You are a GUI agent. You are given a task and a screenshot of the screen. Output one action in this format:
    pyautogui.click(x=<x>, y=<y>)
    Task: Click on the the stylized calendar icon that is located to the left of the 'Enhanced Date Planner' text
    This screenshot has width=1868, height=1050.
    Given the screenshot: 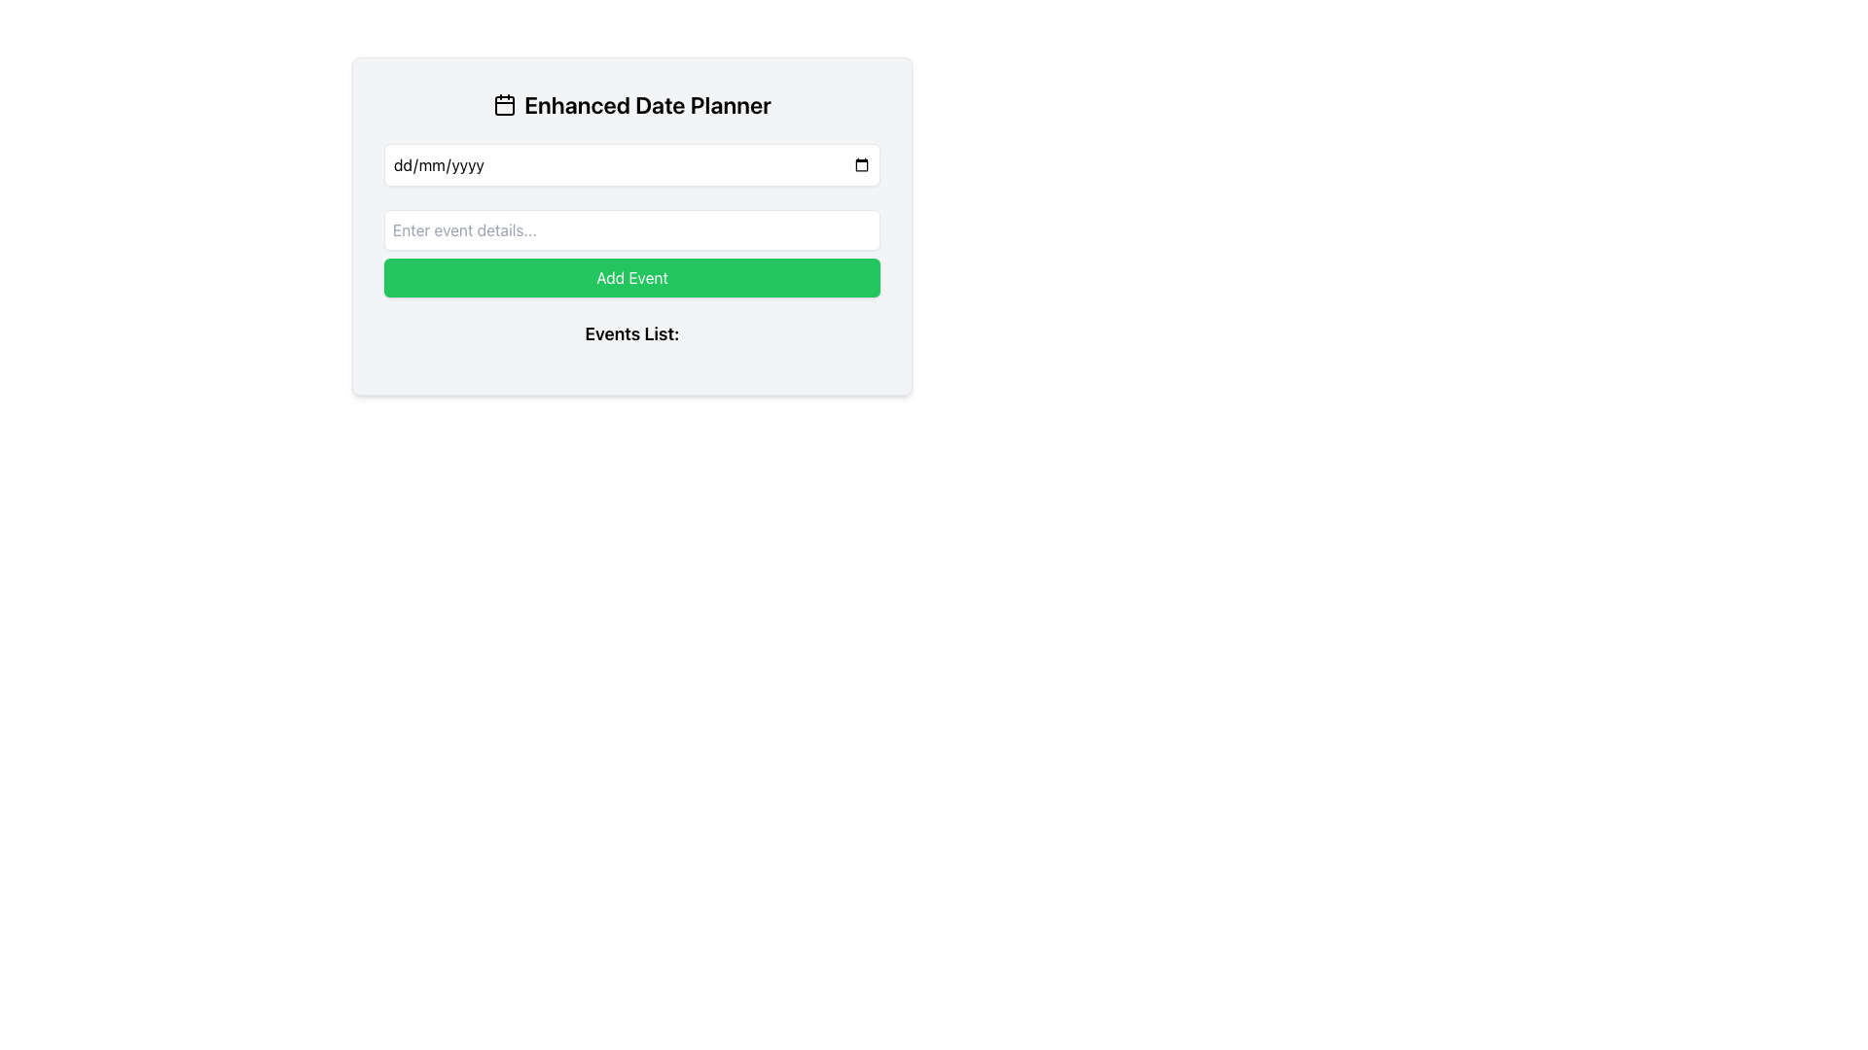 What is the action you would take?
    pyautogui.click(x=505, y=105)
    